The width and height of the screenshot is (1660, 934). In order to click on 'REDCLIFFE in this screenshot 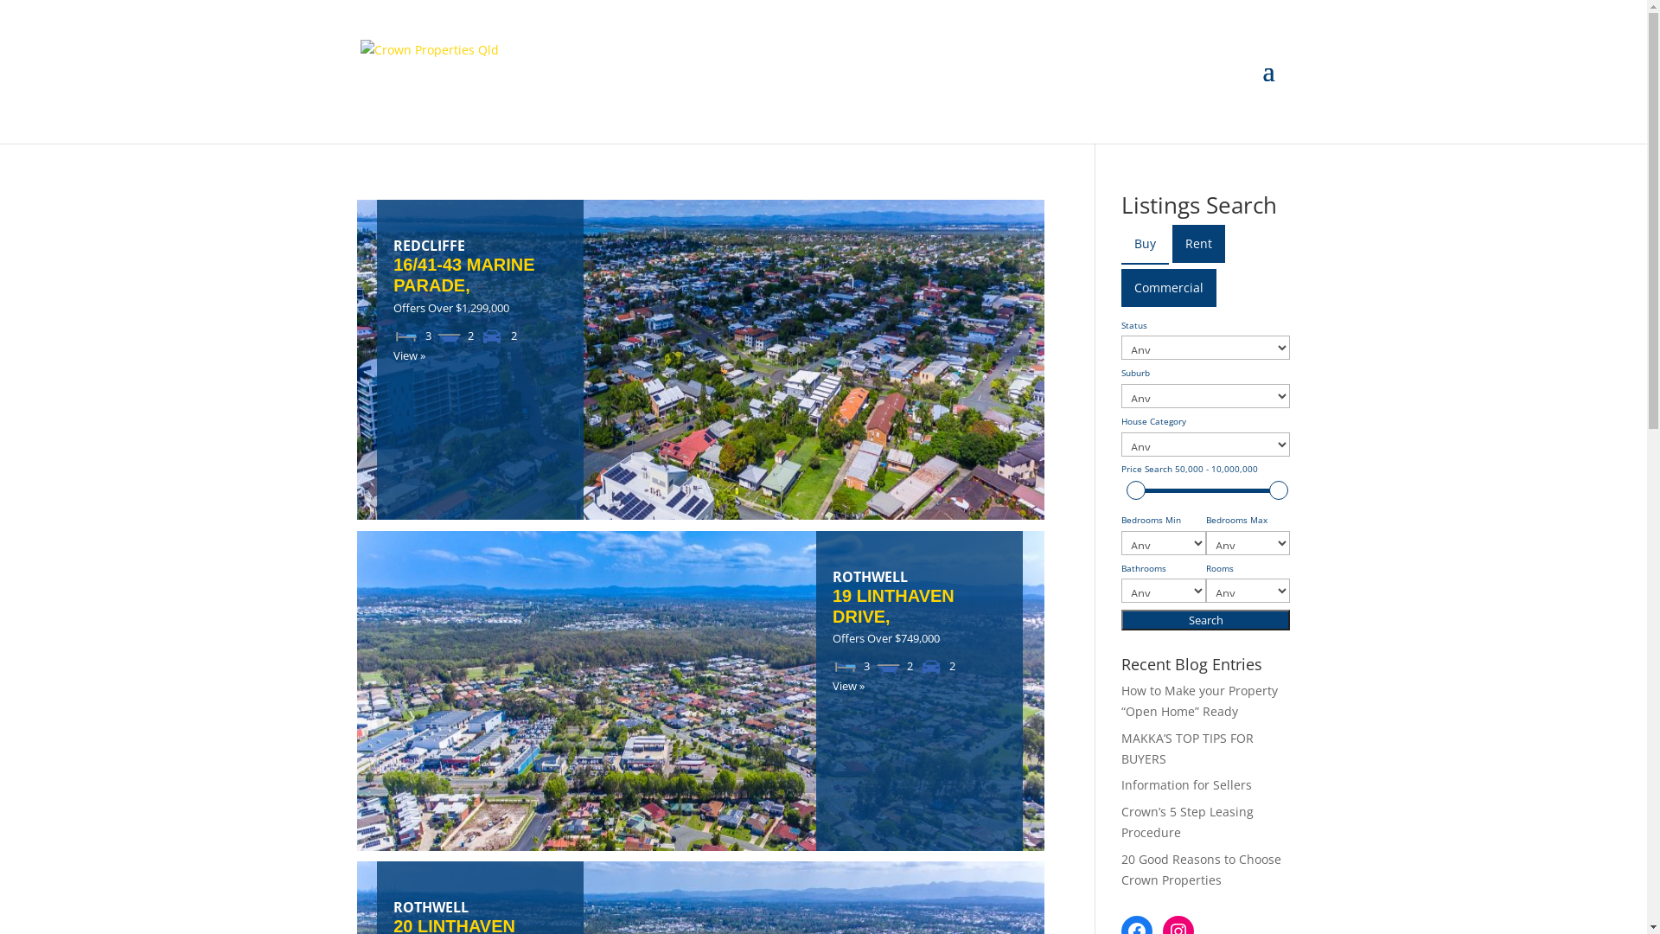, I will do `click(480, 266)`.